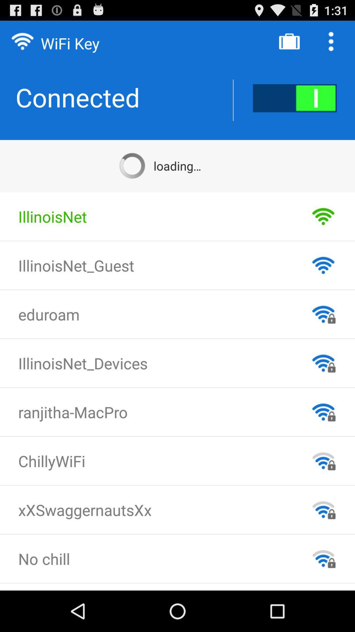 Image resolution: width=355 pixels, height=632 pixels. Describe the element at coordinates (289, 44) in the screenshot. I see `the shop icon` at that location.